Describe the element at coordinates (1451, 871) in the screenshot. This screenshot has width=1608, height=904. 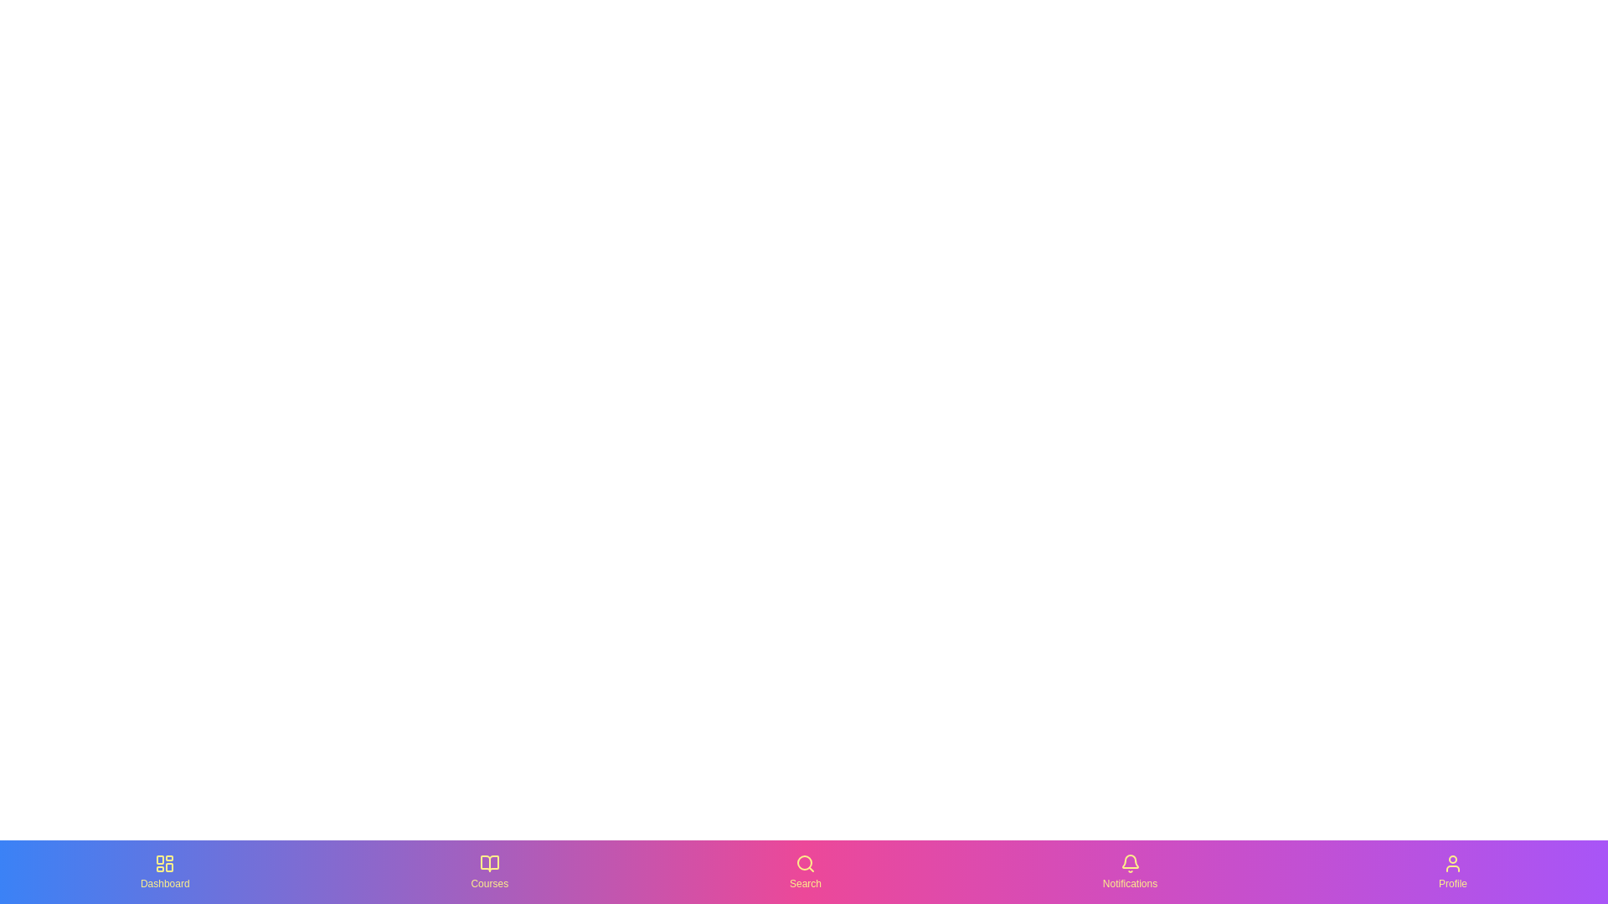
I see `the Profile tab in the bottom navigation bar` at that location.